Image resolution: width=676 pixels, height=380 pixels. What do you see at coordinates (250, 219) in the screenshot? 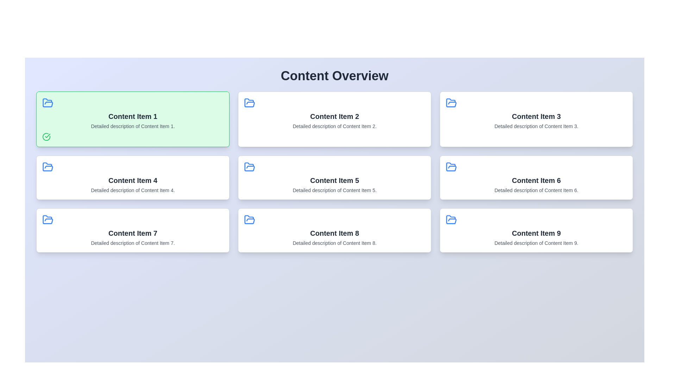
I see `the blue rounded folder icon located` at bounding box center [250, 219].